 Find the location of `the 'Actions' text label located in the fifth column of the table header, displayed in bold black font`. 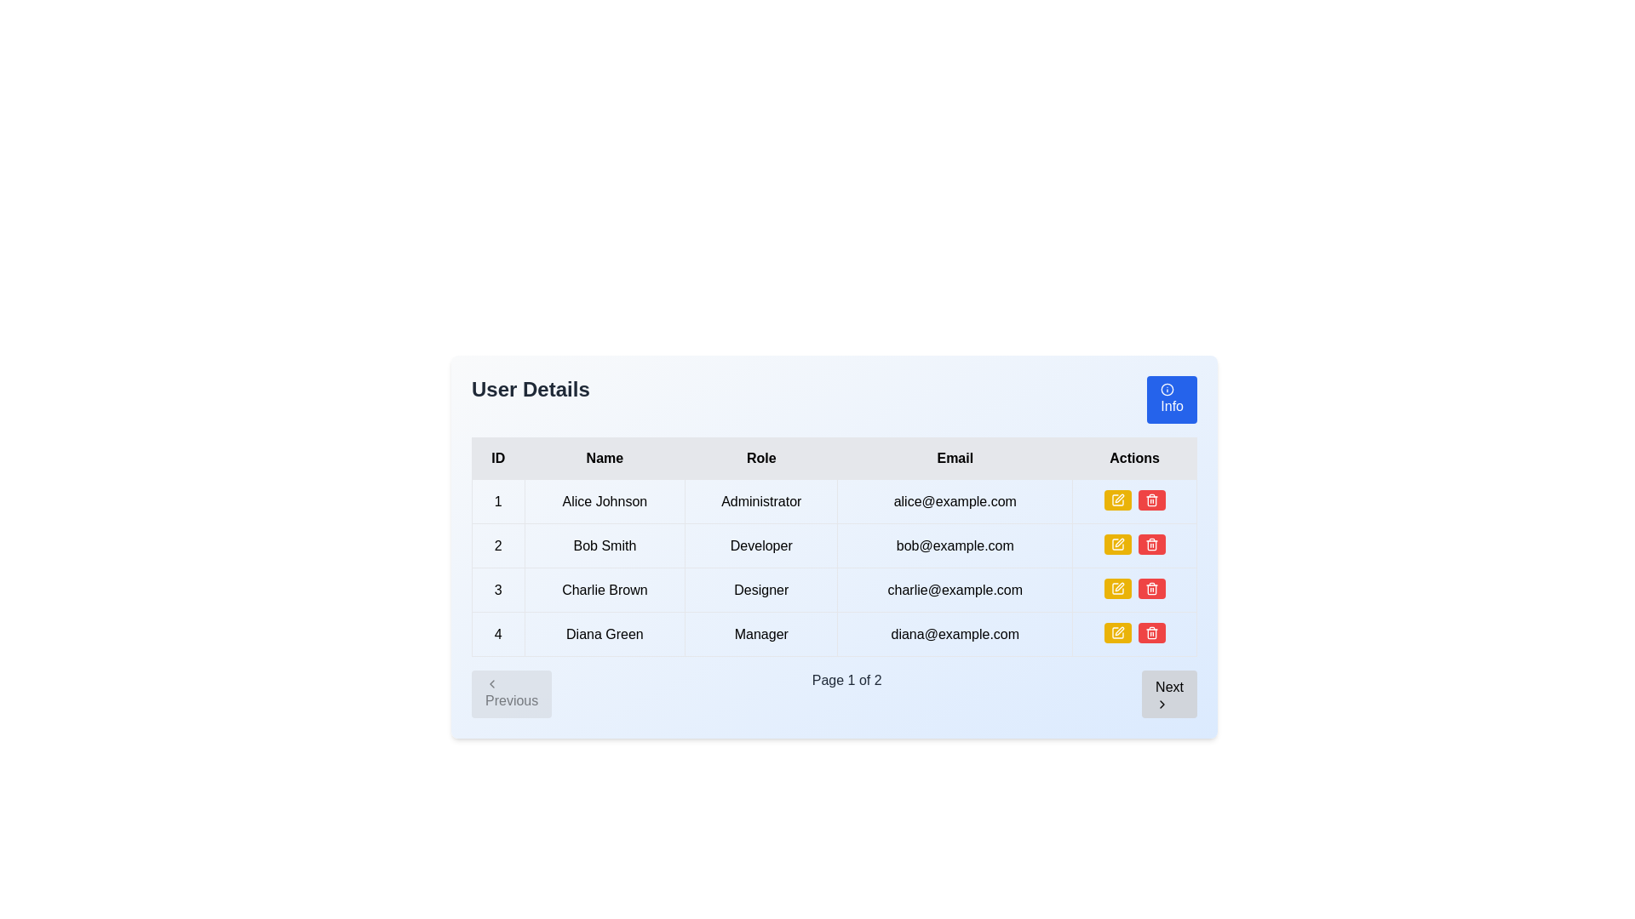

the 'Actions' text label located in the fifth column of the table header, displayed in bold black font is located at coordinates (1134, 458).